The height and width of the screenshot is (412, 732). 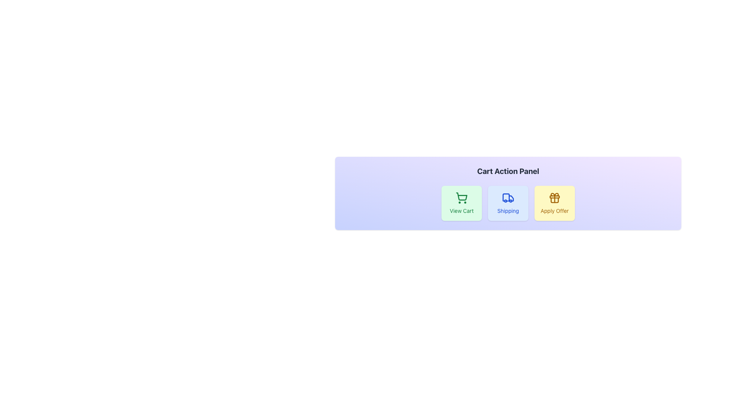 I want to click on the shopping cart icon, which is a visually outlined cart shape located inside the 'View Cart' box in the 'Cart Action Panel', so click(x=461, y=196).